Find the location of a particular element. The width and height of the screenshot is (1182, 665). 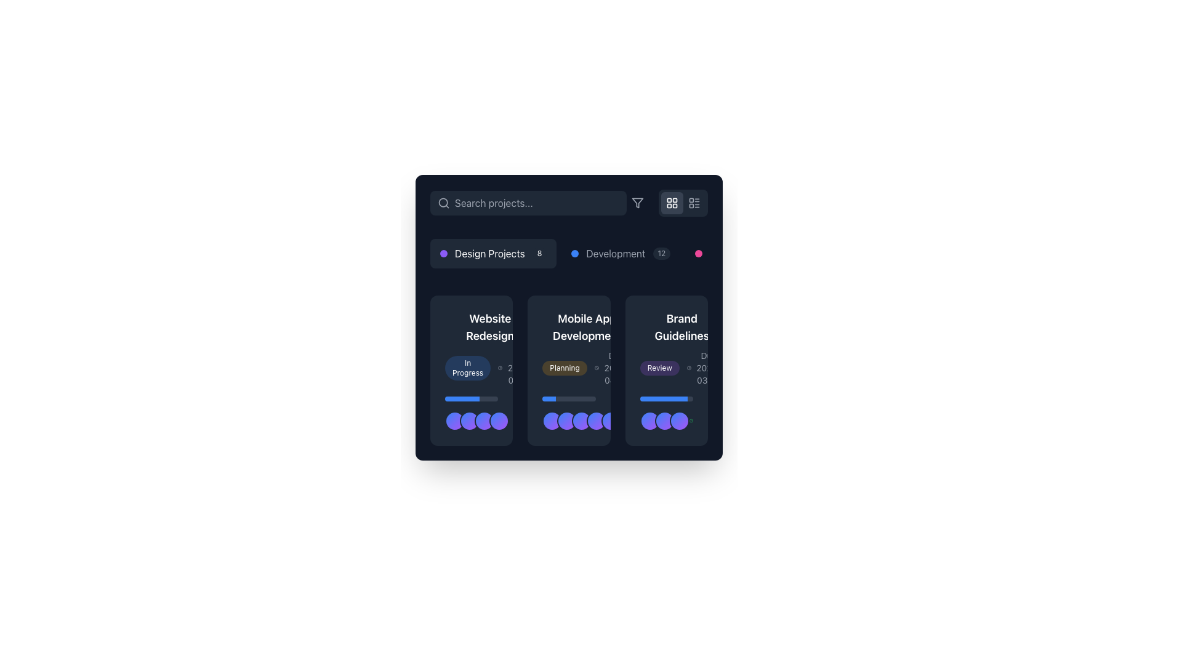

the text display element that communicates the project's title 'Mobile App Development', which is positioned in the center of a card in the second column of a grid layout is located at coordinates (586, 349).